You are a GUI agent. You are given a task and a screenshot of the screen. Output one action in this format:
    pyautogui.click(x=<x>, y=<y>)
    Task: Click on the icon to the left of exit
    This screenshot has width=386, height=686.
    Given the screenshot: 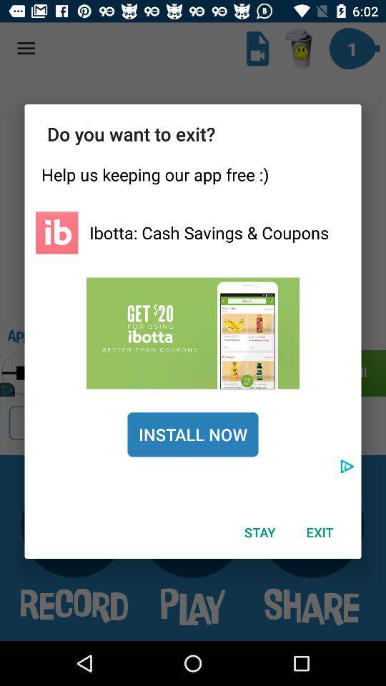 What is the action you would take?
    pyautogui.click(x=259, y=532)
    